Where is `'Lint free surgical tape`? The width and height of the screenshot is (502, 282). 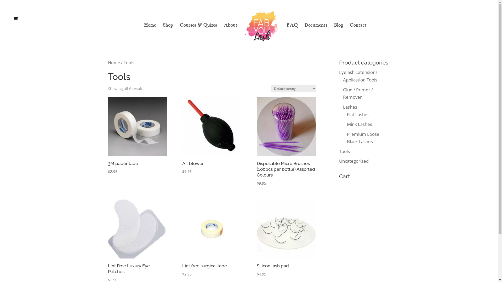 'Lint free surgical tape is located at coordinates (212, 238).